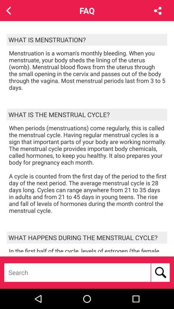 Image resolution: width=174 pixels, height=309 pixels. What do you see at coordinates (88, 249) in the screenshot?
I see `the item below the what happens during item` at bounding box center [88, 249].